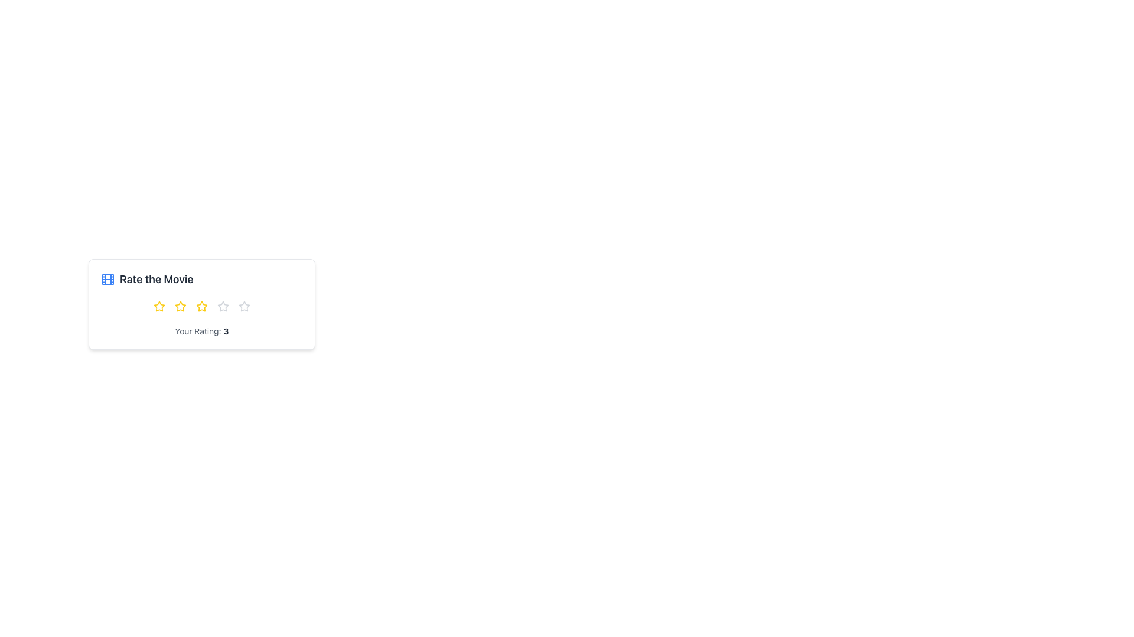  Describe the element at coordinates (180, 306) in the screenshot. I see `the second yellow star icon in the rating control below the 'Rate the Movie' title to interact with it` at that location.